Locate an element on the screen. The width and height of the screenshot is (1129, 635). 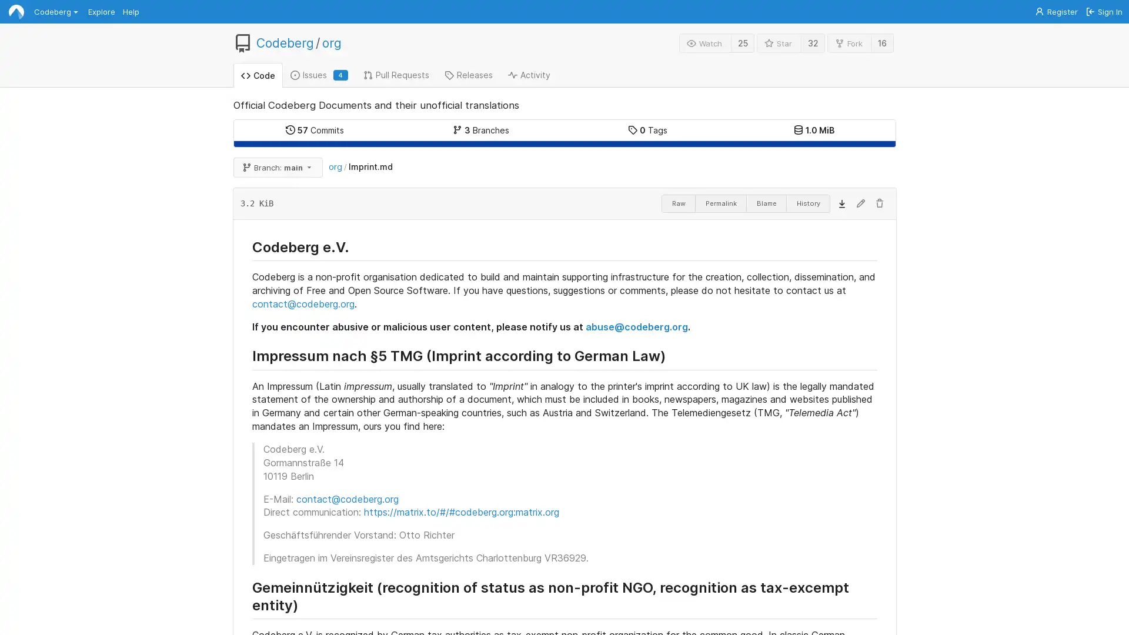
Star is located at coordinates (779, 42).